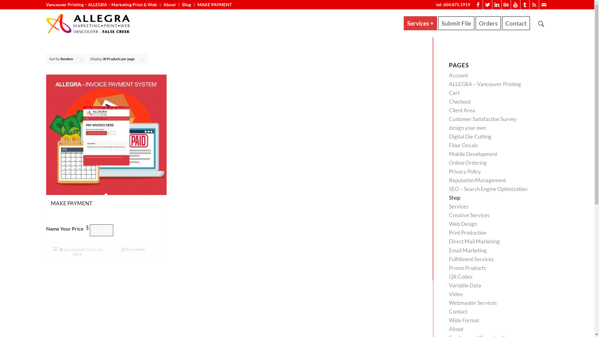 The image size is (599, 337). What do you see at coordinates (464, 320) in the screenshot?
I see `'Wide Format'` at bounding box center [464, 320].